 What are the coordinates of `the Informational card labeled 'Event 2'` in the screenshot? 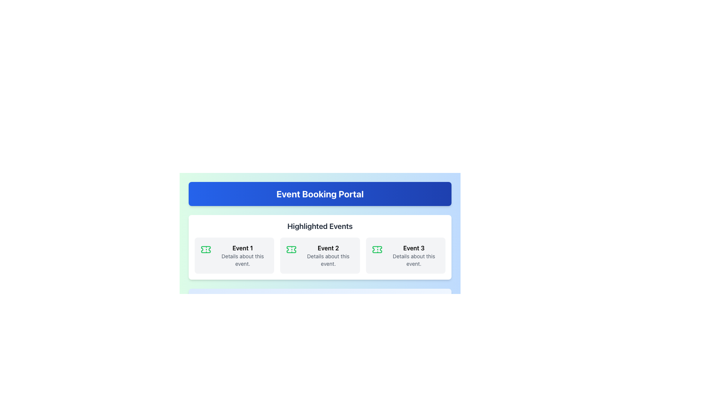 It's located at (320, 255).